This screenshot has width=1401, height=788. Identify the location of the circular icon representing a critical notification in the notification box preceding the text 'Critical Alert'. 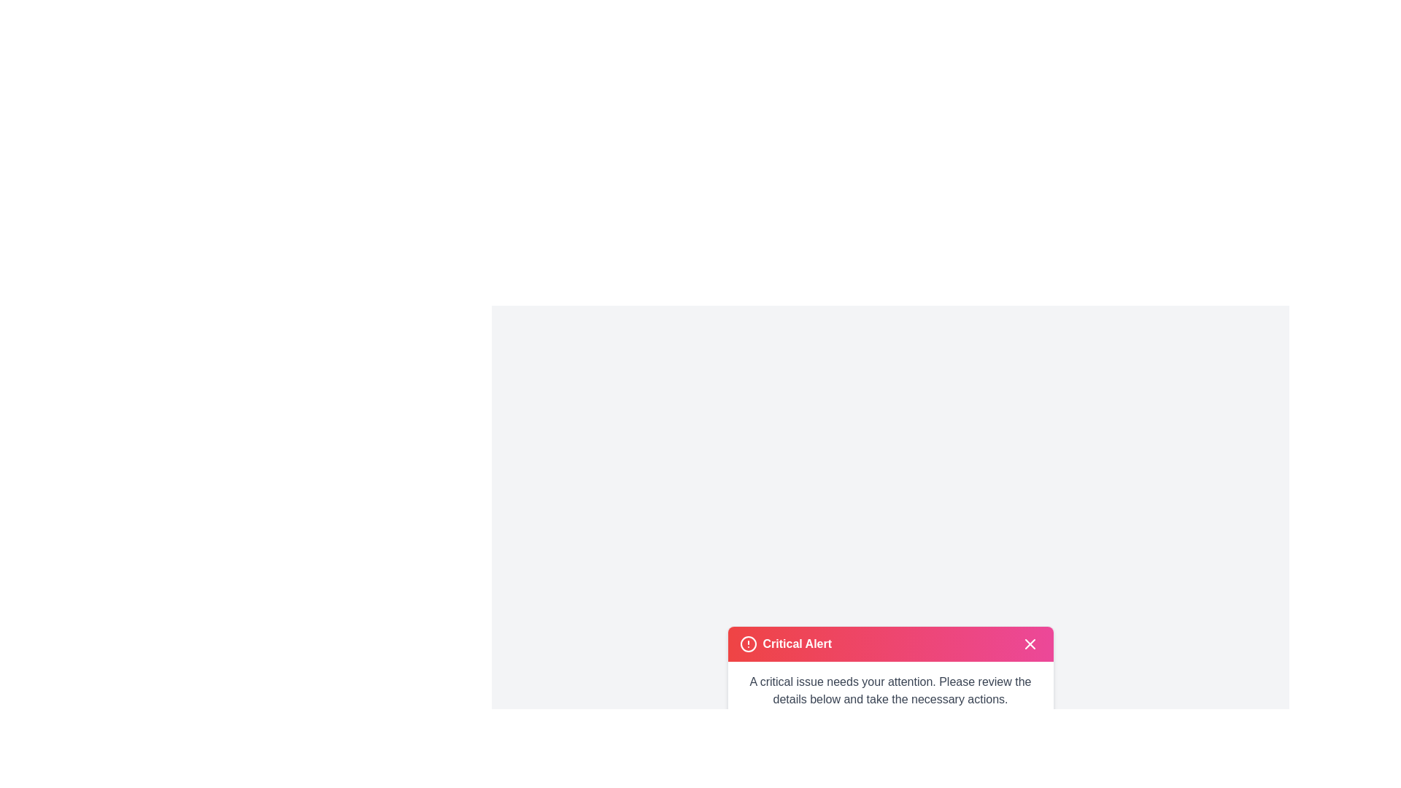
(748, 643).